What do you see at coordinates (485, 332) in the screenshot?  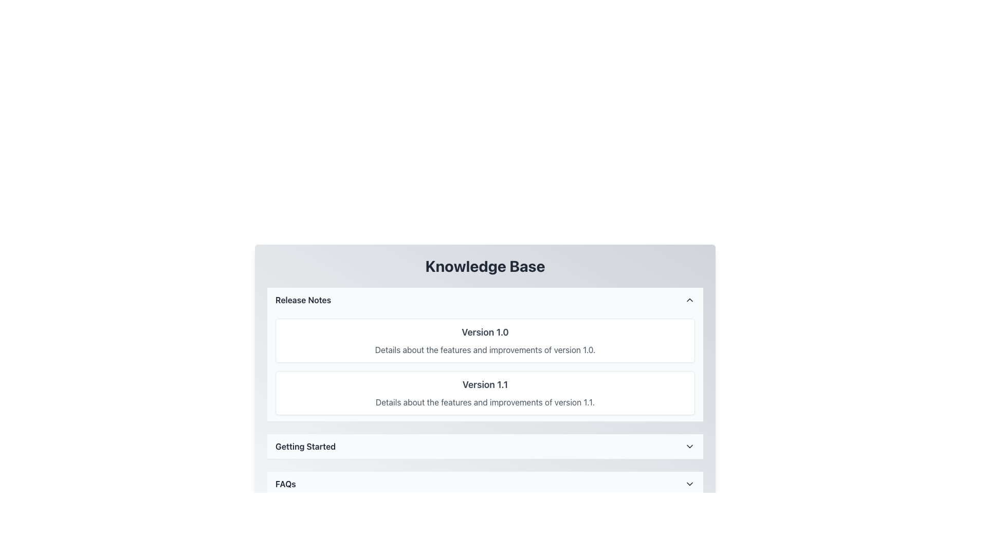 I see `the 'Version 1.0' text label which is displayed in bold, larger font style within the bordered, rounded card in the 'Release Notes' section` at bounding box center [485, 332].